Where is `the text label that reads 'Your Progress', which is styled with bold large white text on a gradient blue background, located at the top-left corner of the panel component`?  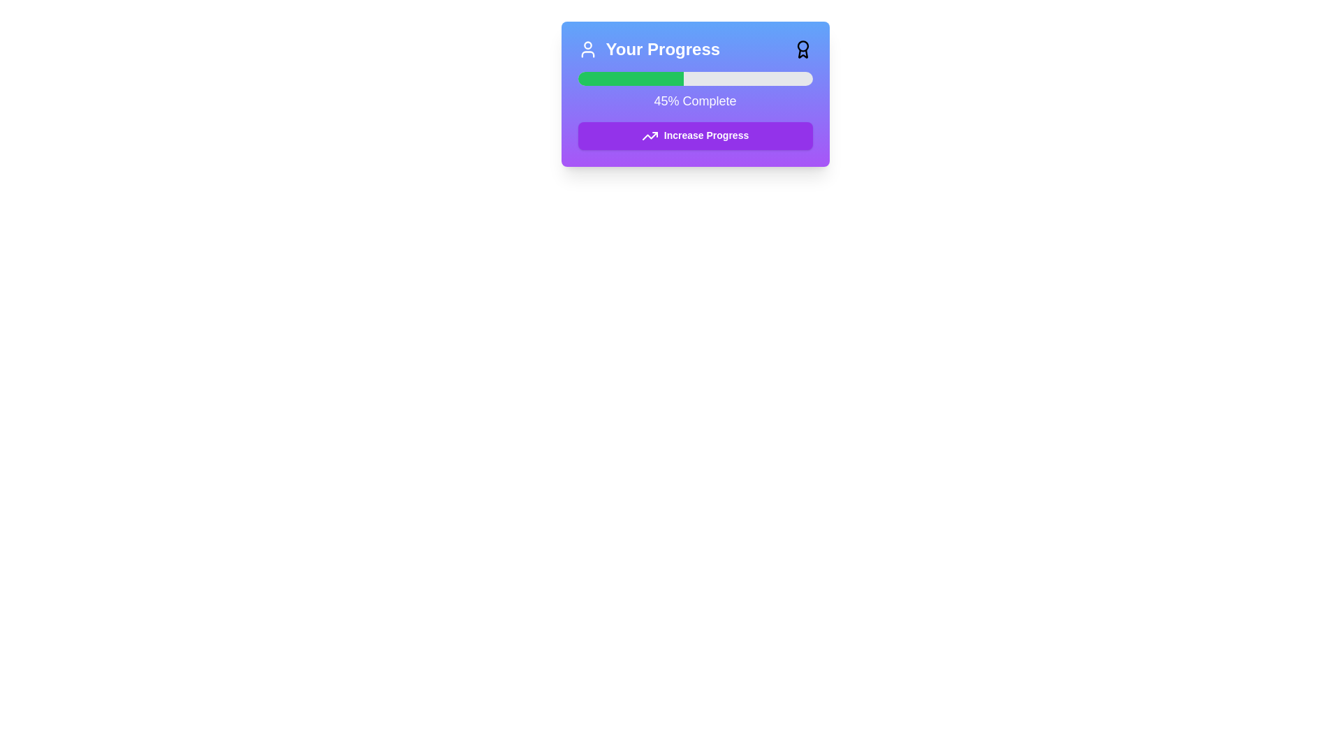 the text label that reads 'Your Progress', which is styled with bold large white text on a gradient blue background, located at the top-left corner of the panel component is located at coordinates (662, 48).